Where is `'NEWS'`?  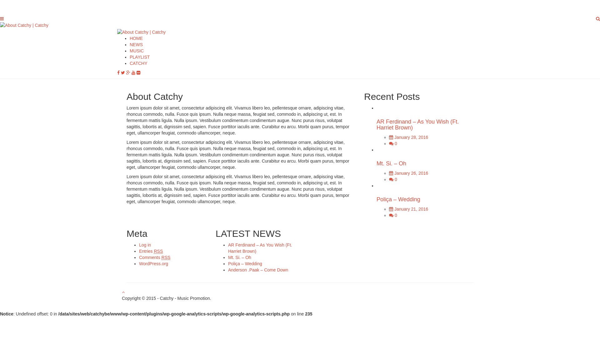
'NEWS' is located at coordinates (136, 44).